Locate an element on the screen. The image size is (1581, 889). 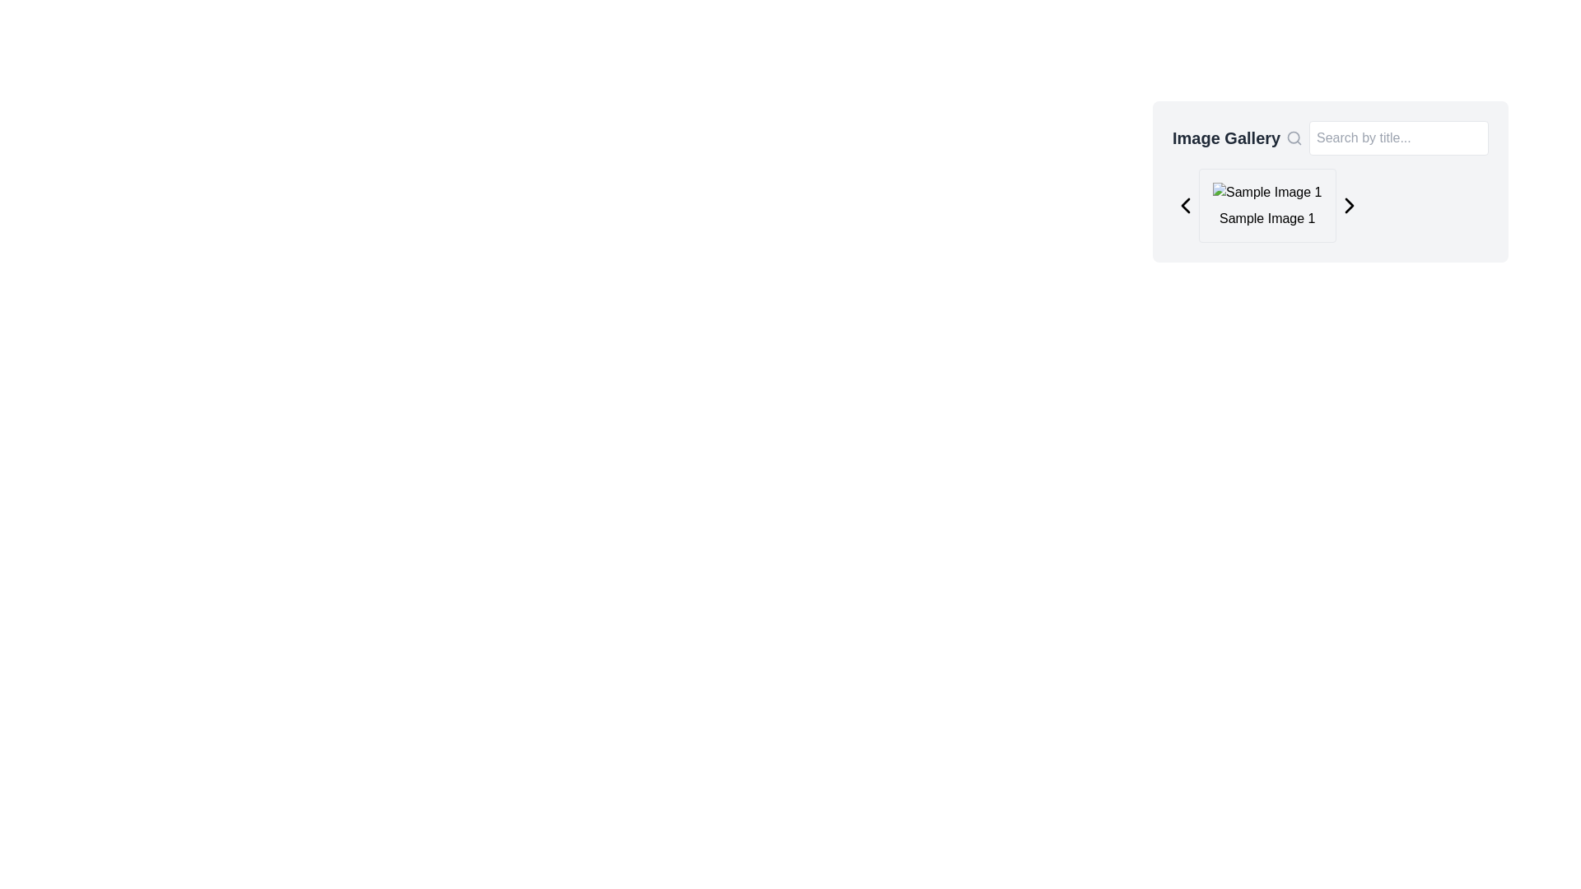
the navigation icon located at the upper-right area of the image gallery interface to move to the next image or section is located at coordinates (1349, 205).